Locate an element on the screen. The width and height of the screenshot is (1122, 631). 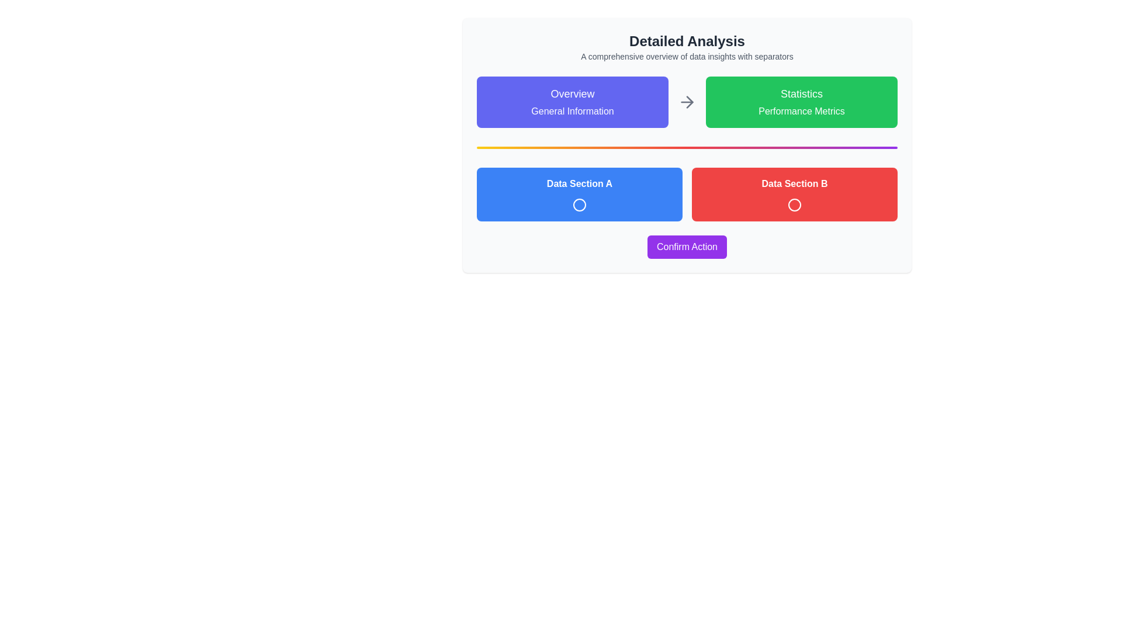
the confirmation button located centrally towards the bottom of the interface for keyboard navigation is located at coordinates (687, 247).